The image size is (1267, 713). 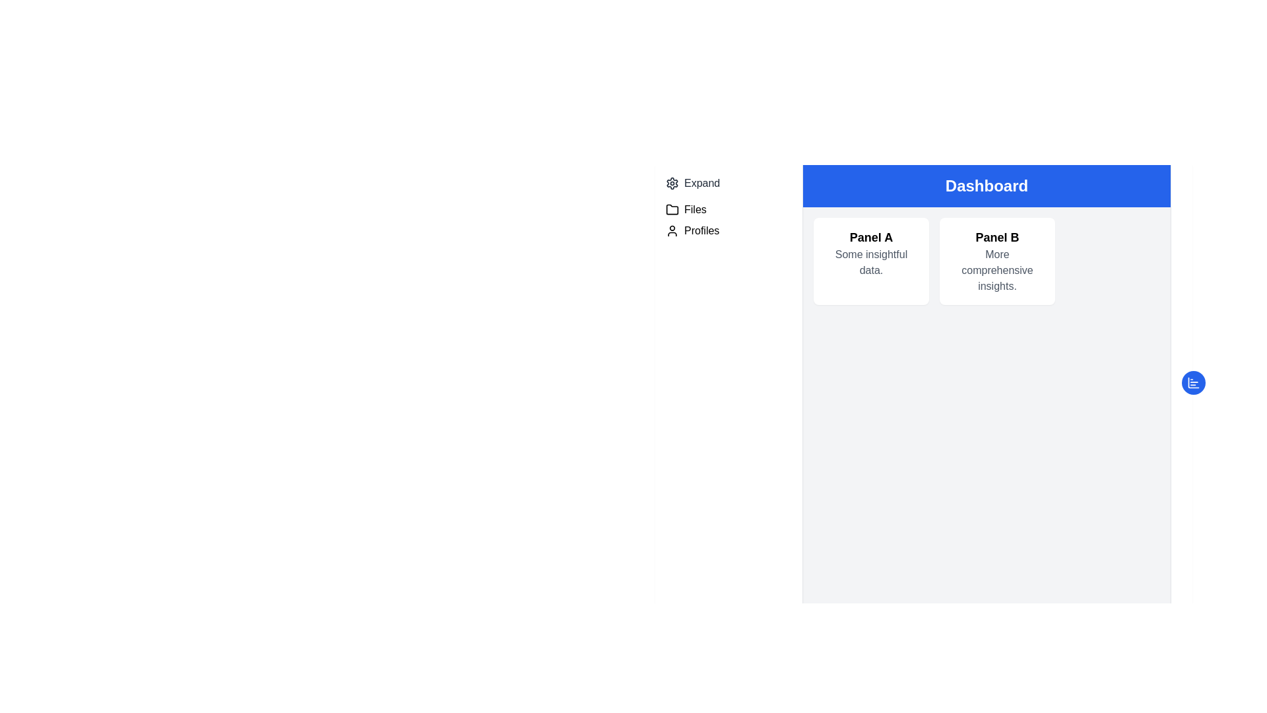 I want to click on the folder icon located to the left of the text label 'Files' in the top-center region of the sidebar, so click(x=672, y=209).